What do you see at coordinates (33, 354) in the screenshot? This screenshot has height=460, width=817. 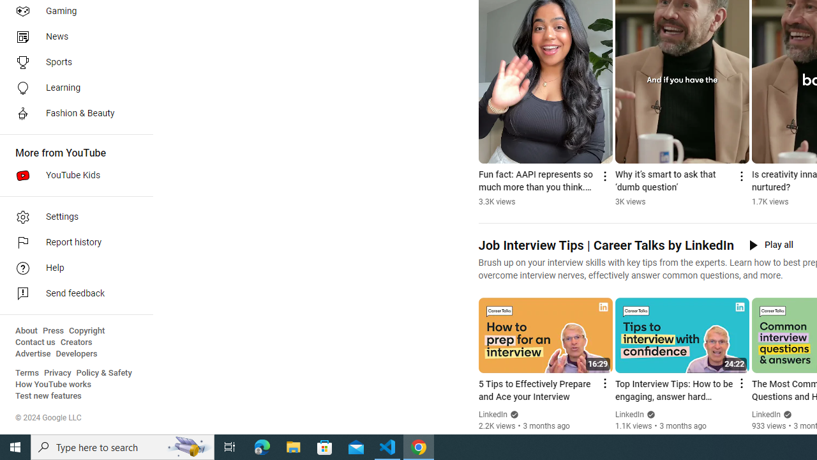 I see `'Advertise'` at bounding box center [33, 354].